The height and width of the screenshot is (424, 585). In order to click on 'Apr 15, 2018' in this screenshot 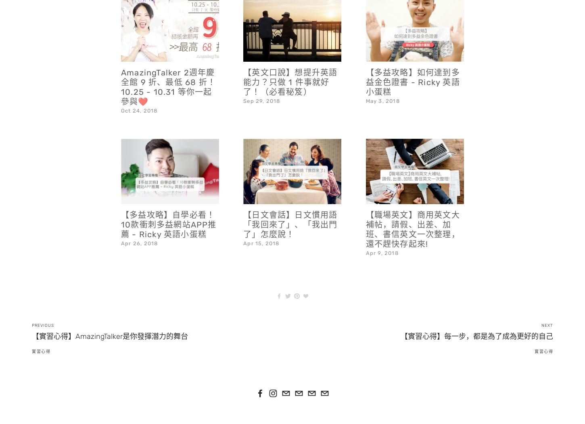, I will do `click(261, 222)`.